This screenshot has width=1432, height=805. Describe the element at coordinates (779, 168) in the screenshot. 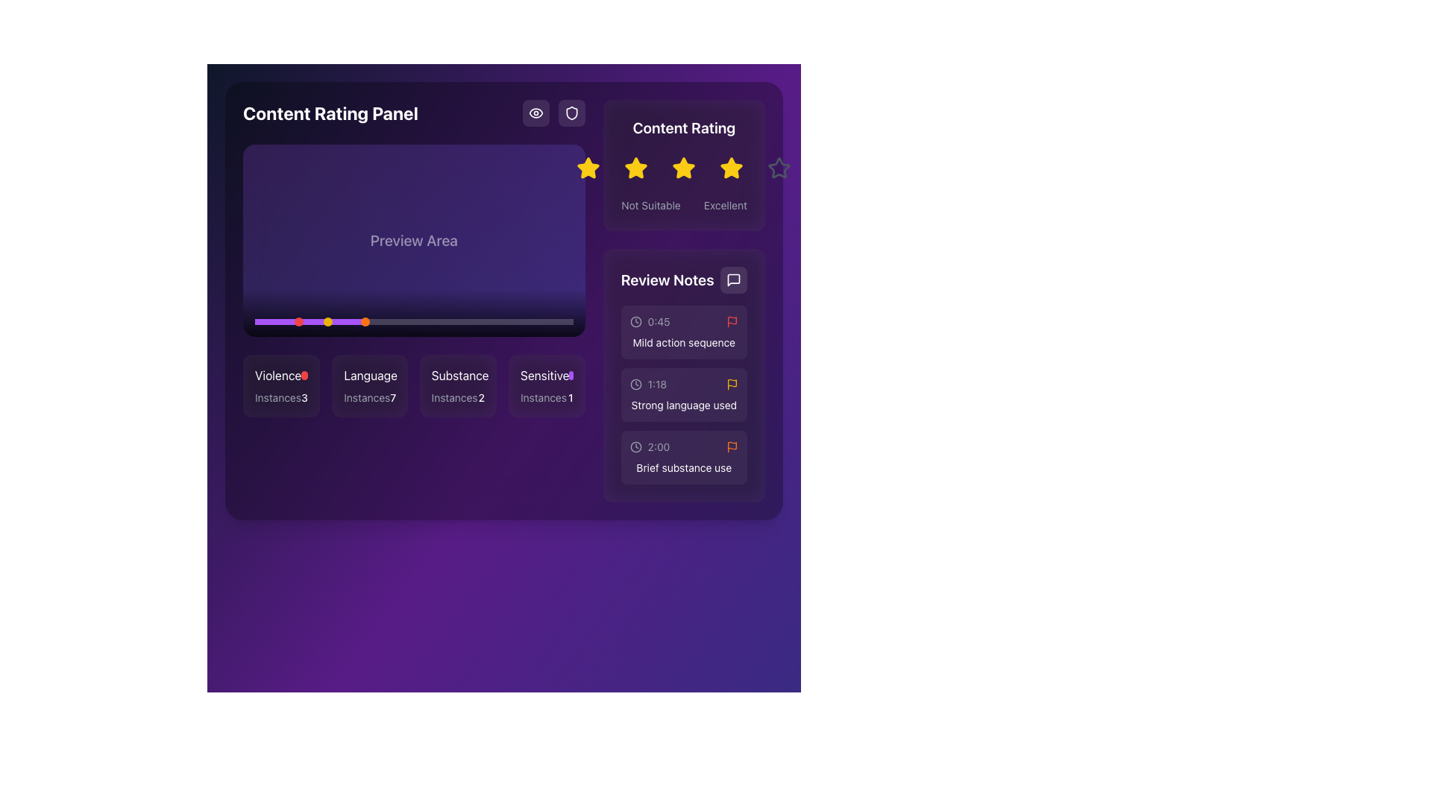

I see `on the fifth star-shaped icon with a grey outline in the 'Content Rating' section, located on a dark purple background` at that location.